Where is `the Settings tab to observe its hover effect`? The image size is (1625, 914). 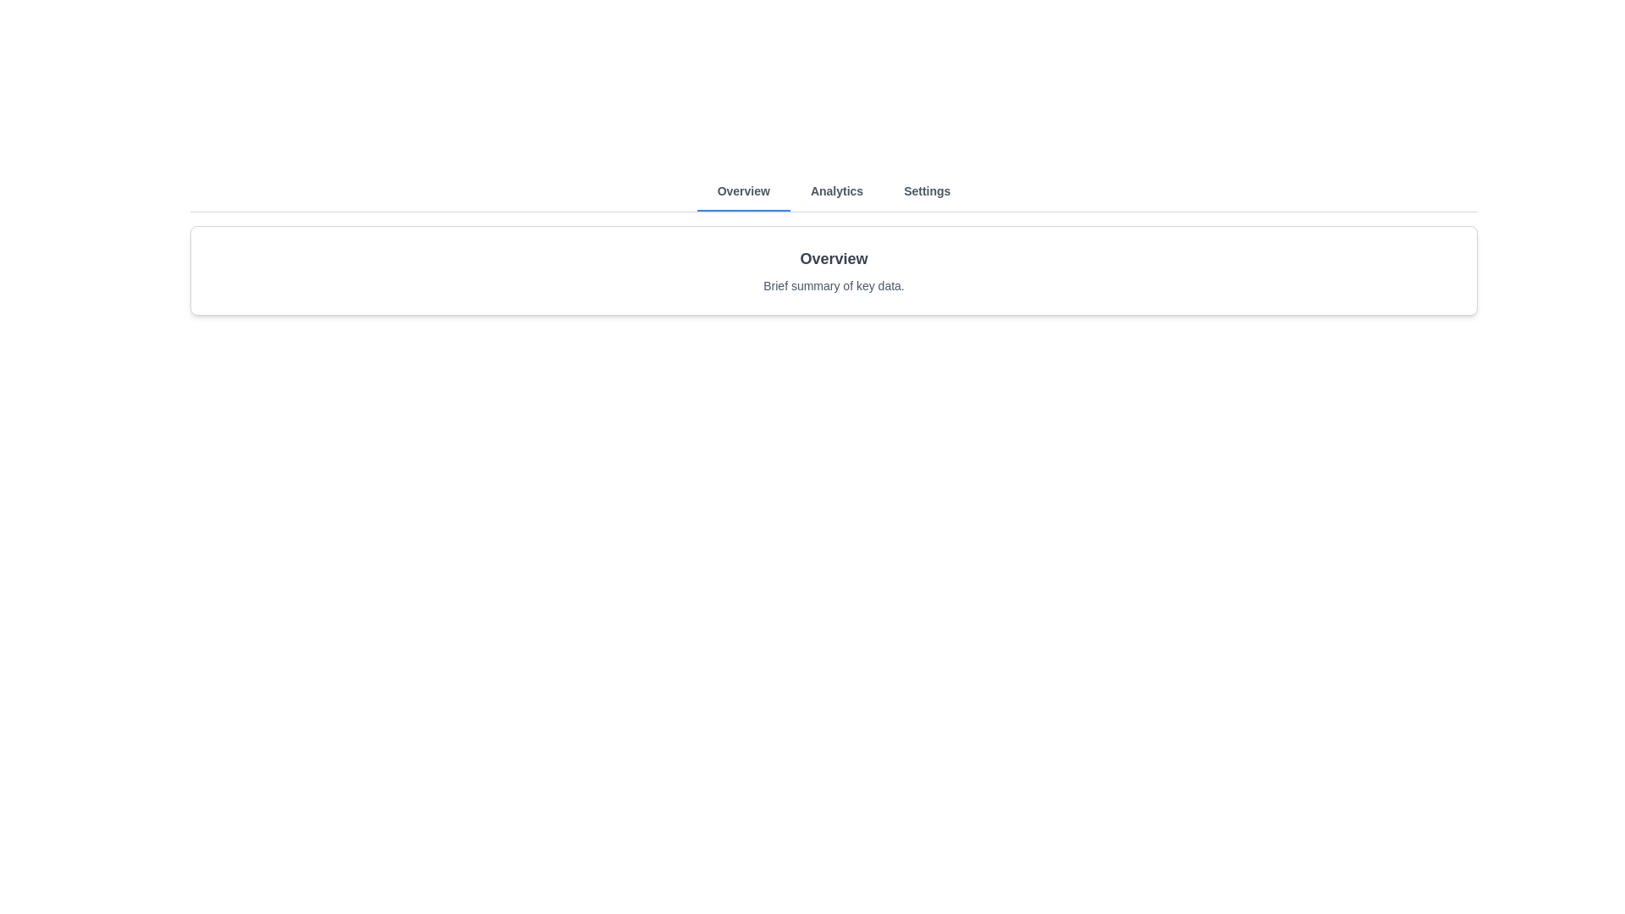 the Settings tab to observe its hover effect is located at coordinates (926, 190).